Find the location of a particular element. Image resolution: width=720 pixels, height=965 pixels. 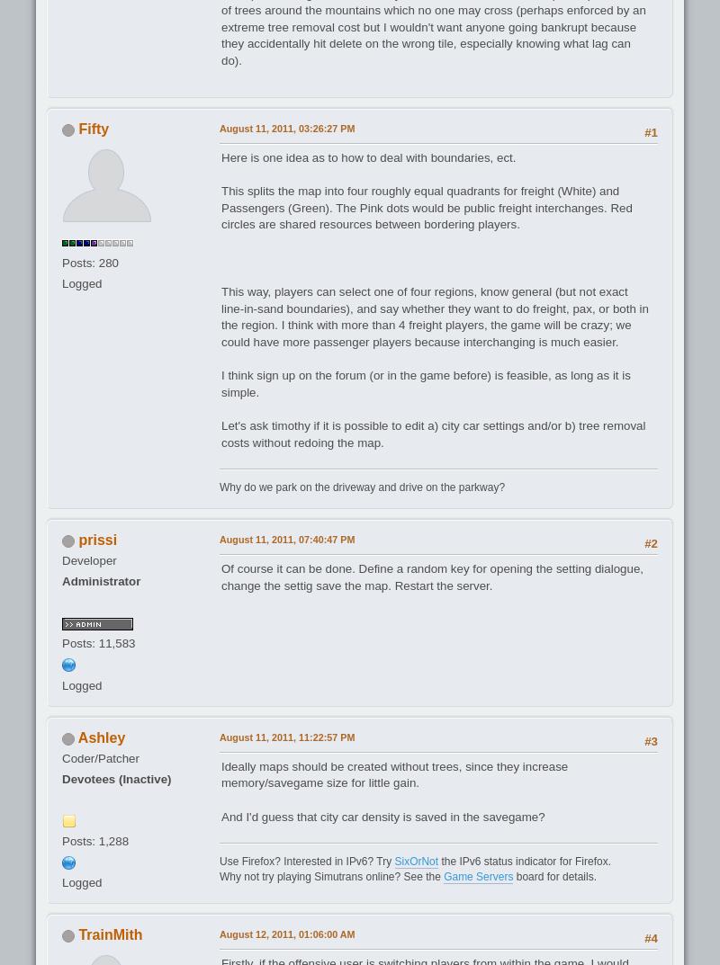

'Posts: 11,583' is located at coordinates (97, 643).